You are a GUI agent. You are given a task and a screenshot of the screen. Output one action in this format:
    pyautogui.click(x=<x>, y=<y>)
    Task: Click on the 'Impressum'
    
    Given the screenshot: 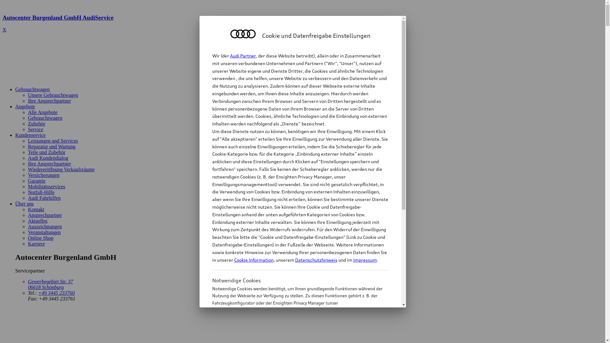 What is the action you would take?
    pyautogui.click(x=365, y=260)
    